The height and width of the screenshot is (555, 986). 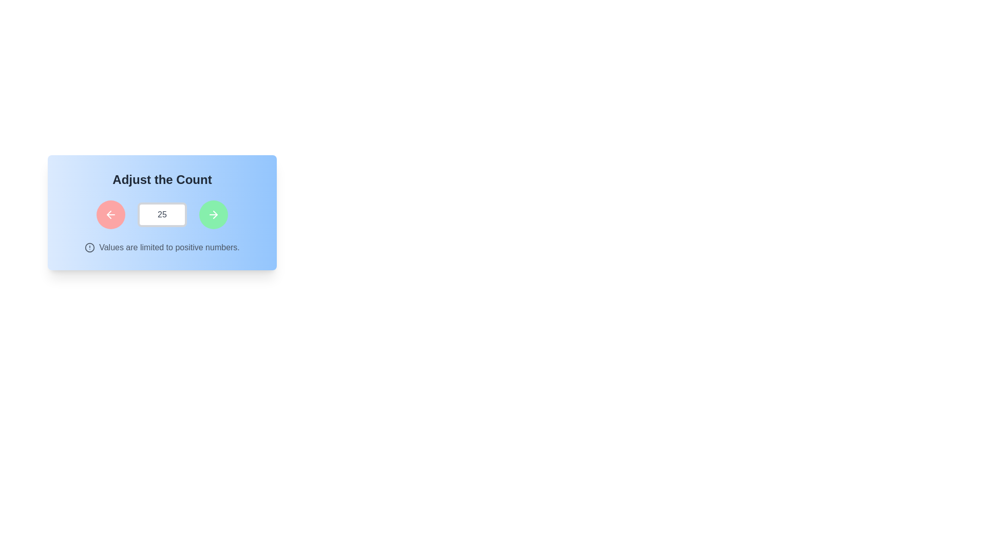 What do you see at coordinates (213, 214) in the screenshot?
I see `the green circular button containing the white arrow icon` at bounding box center [213, 214].